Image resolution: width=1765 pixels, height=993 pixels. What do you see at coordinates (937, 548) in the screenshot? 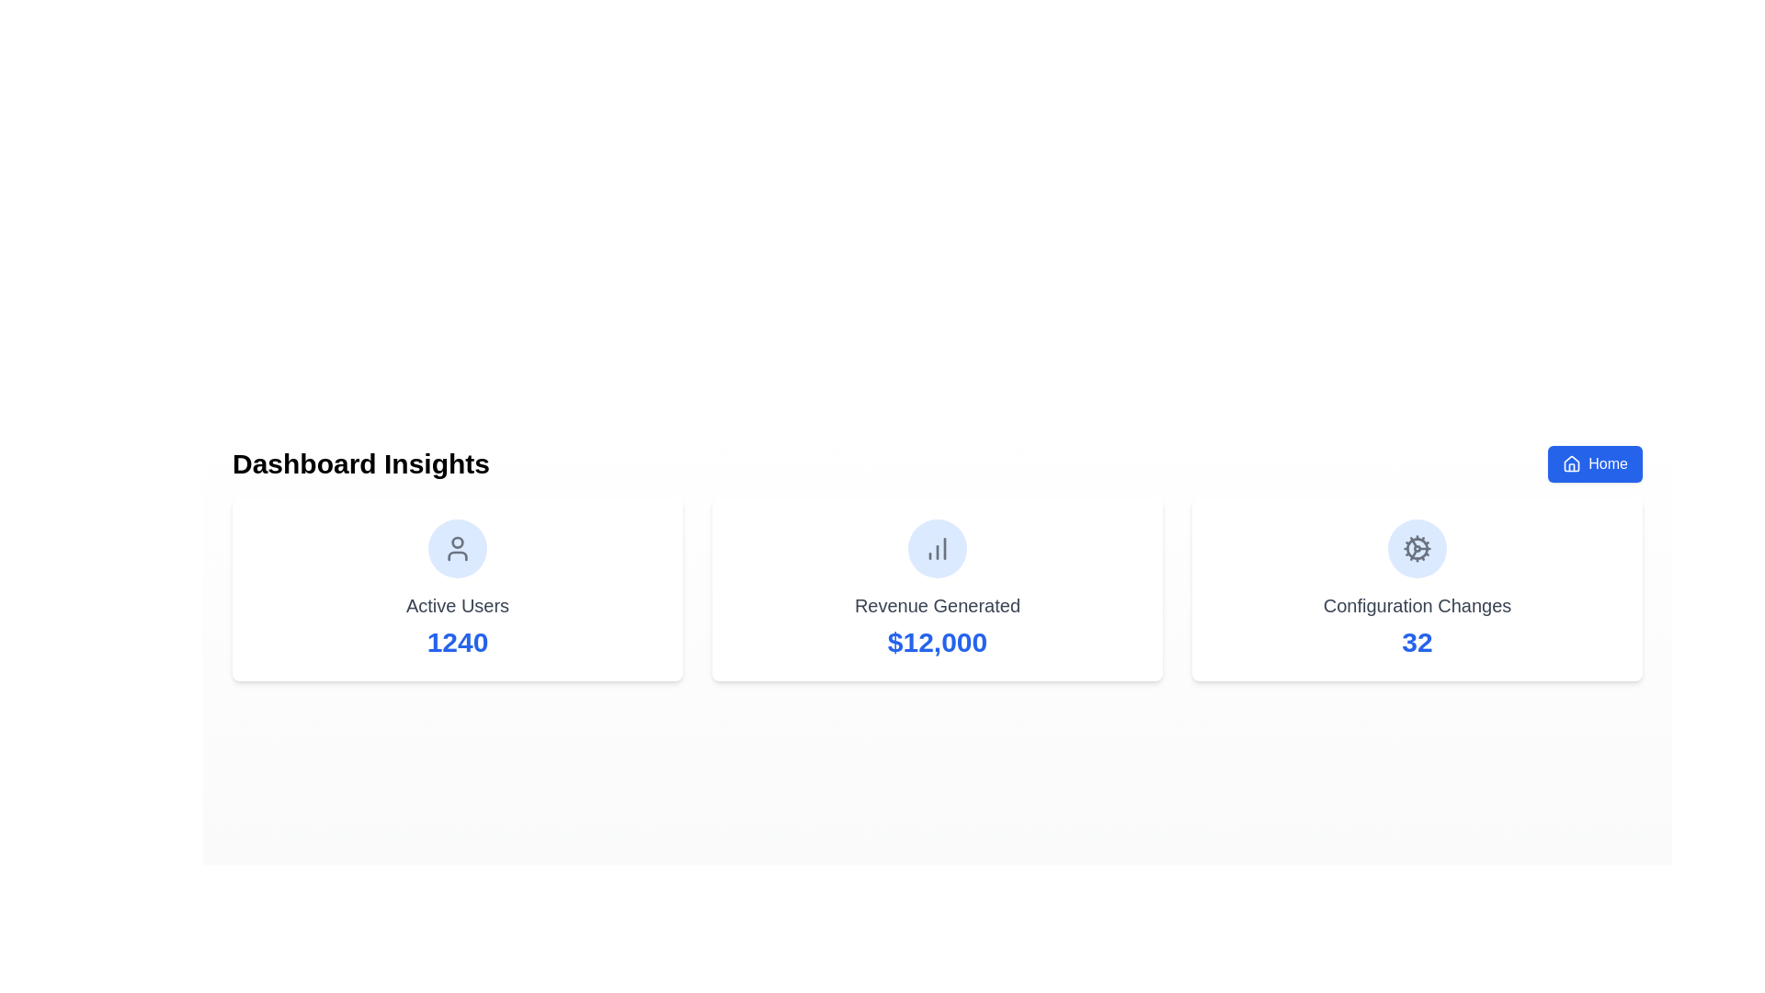
I see `the circular icon with a light blue background and three gray vertical bars resembling a bar chart, which is centered at the top of the 'Revenue Generated' card` at bounding box center [937, 548].